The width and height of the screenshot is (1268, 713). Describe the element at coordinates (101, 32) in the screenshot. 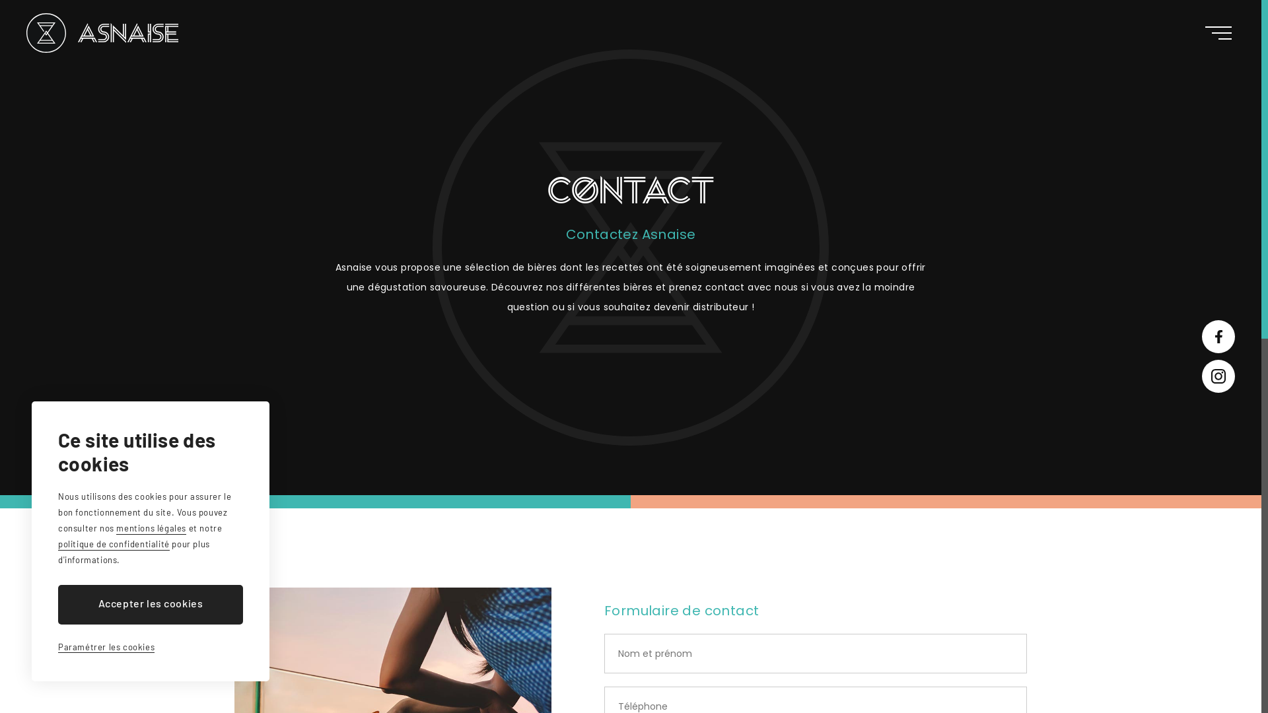

I see `'Asnaise'` at that location.